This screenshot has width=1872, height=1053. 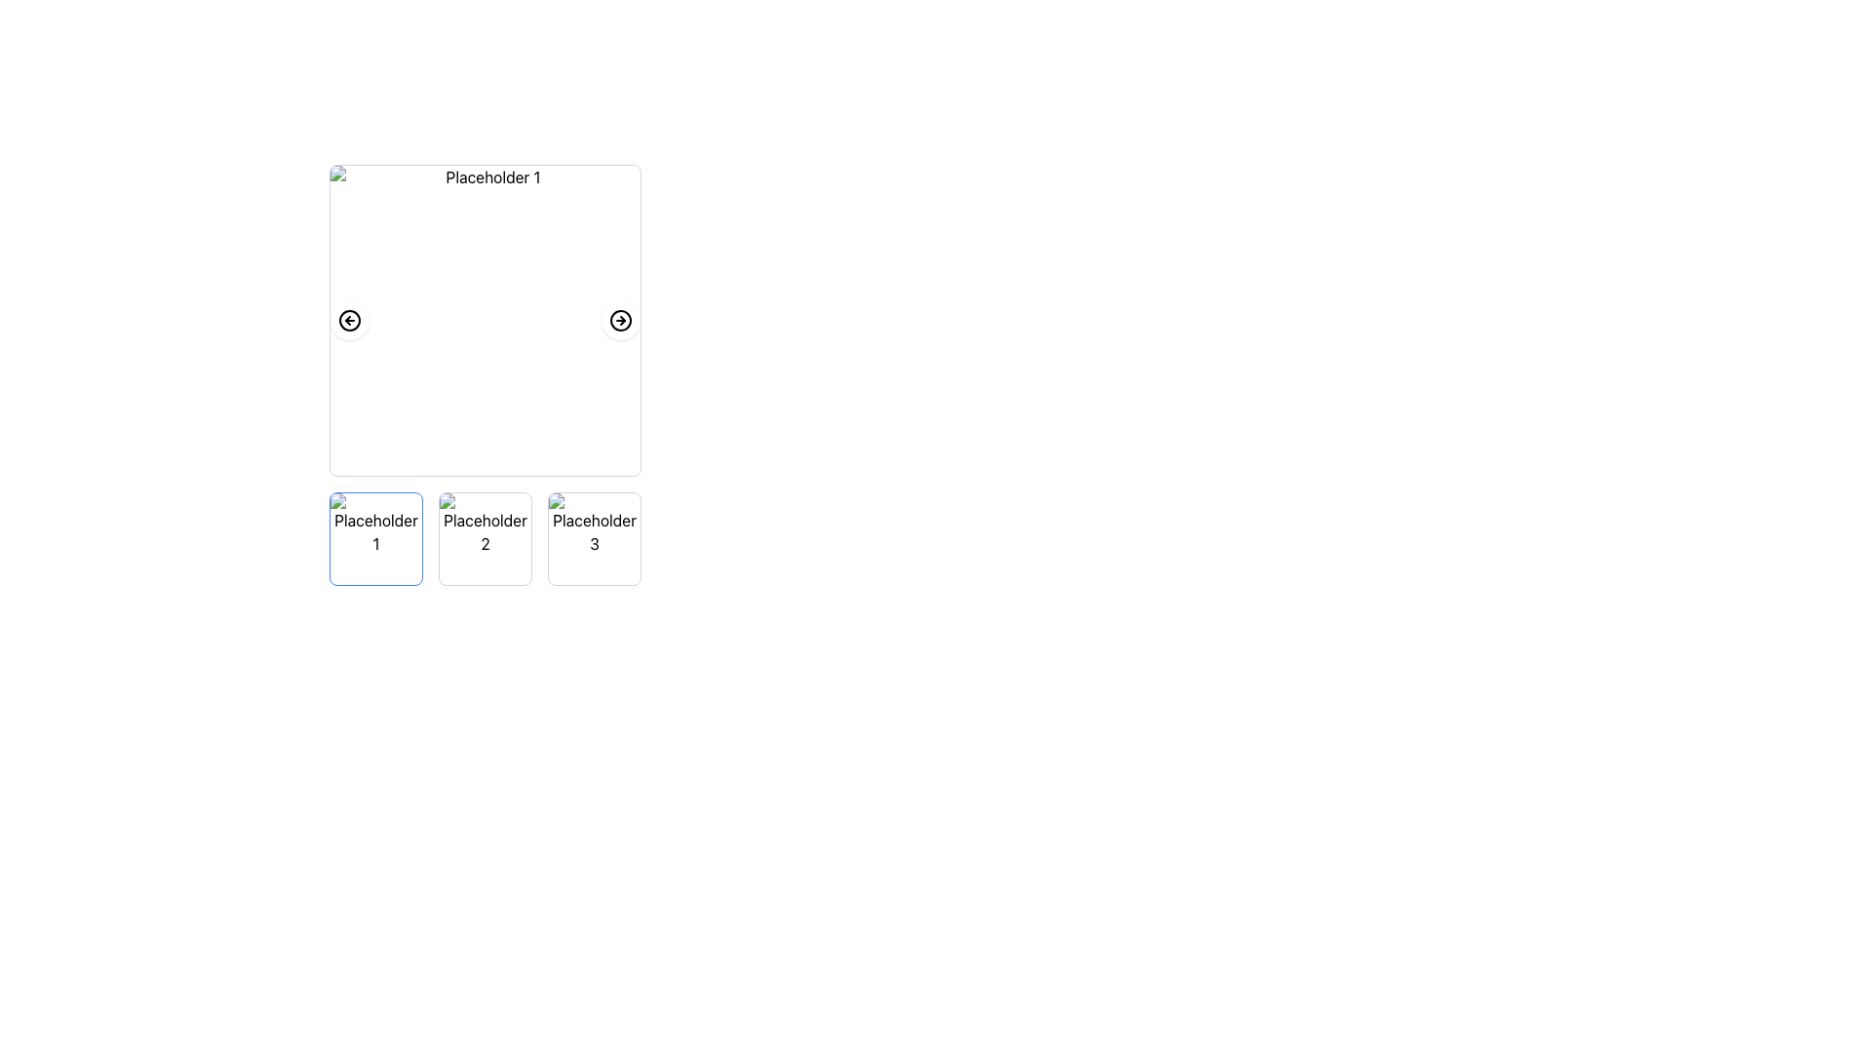 What do you see at coordinates (375, 538) in the screenshot?
I see `the first selectable thumbnail component, which serves as a preview or reference for additional content` at bounding box center [375, 538].